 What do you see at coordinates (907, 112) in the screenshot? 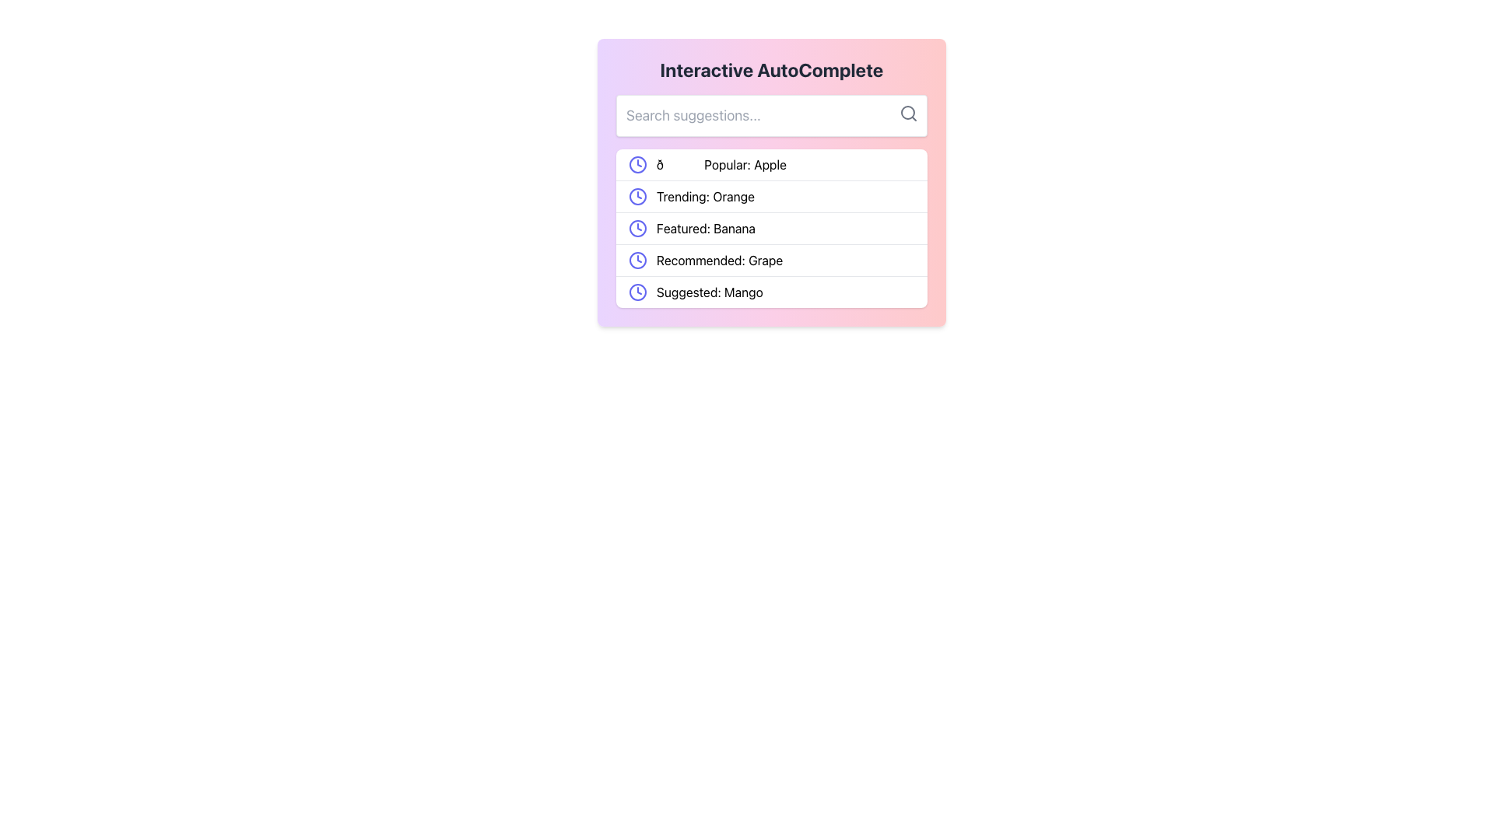
I see `the central circular part of the magnifying glass icon located at the top-right corner of the search input box` at bounding box center [907, 112].